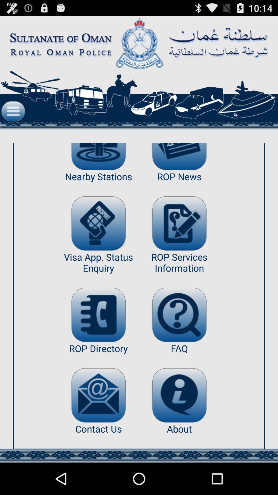  What do you see at coordinates (179, 395) in the screenshot?
I see `about` at bounding box center [179, 395].